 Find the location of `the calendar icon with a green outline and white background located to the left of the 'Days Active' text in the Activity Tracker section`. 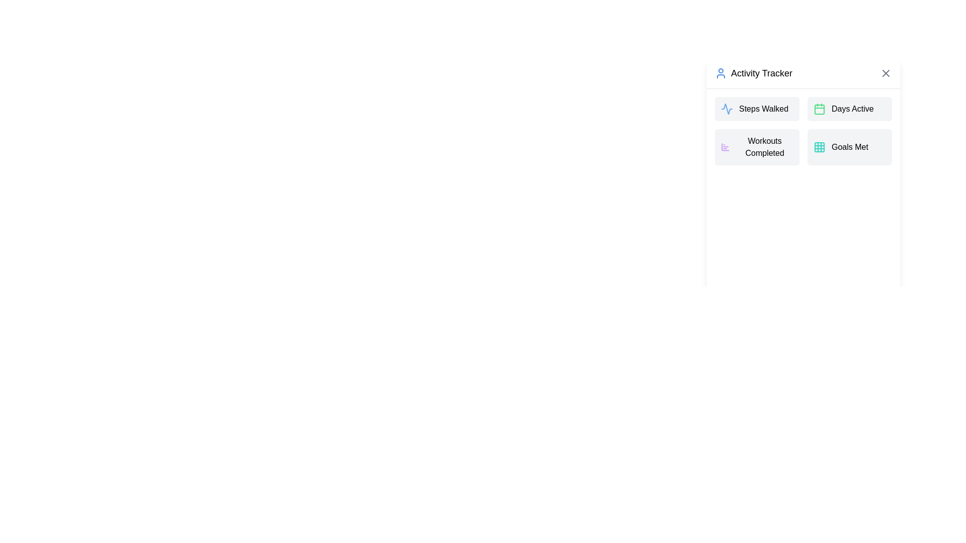

the calendar icon with a green outline and white background located to the left of the 'Days Active' text in the Activity Tracker section is located at coordinates (819, 109).